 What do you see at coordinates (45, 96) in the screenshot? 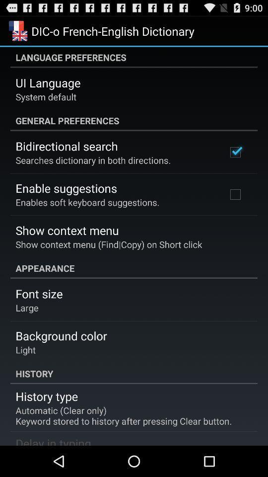
I see `the app below ui language` at bounding box center [45, 96].